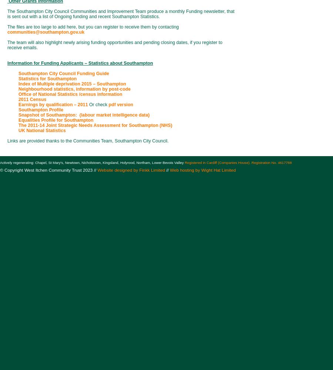 The image size is (333, 370). I want to click on 'Information for Funding Applicants – Statistics about Southampton', so click(80, 63).